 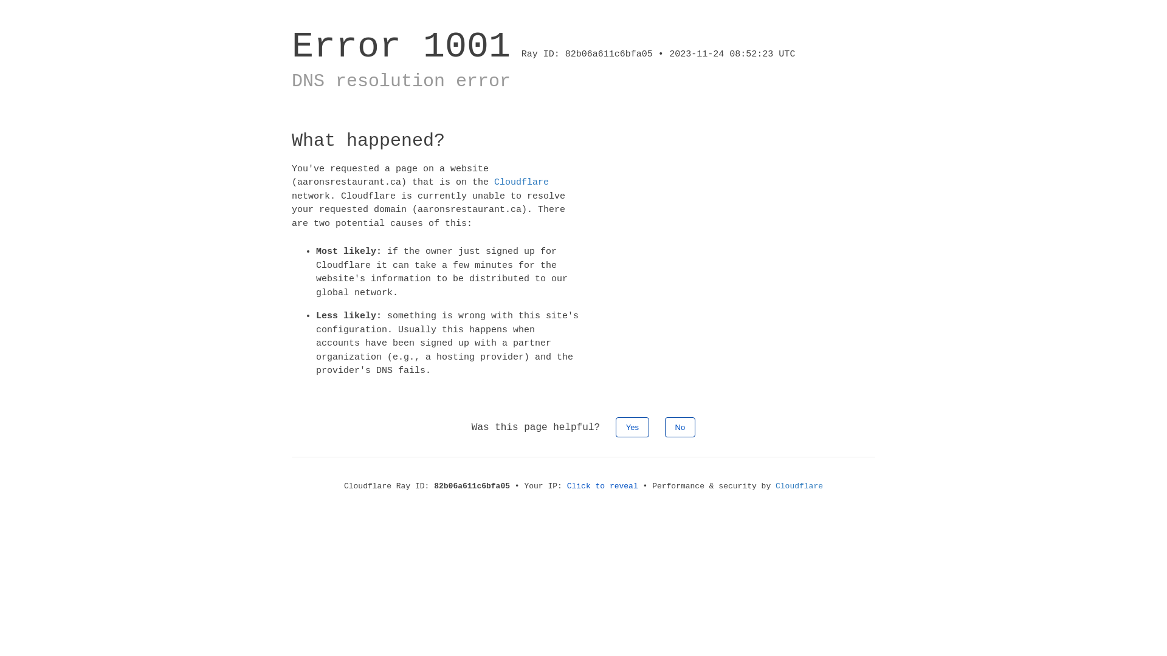 What do you see at coordinates (632, 426) in the screenshot?
I see `'Yes'` at bounding box center [632, 426].